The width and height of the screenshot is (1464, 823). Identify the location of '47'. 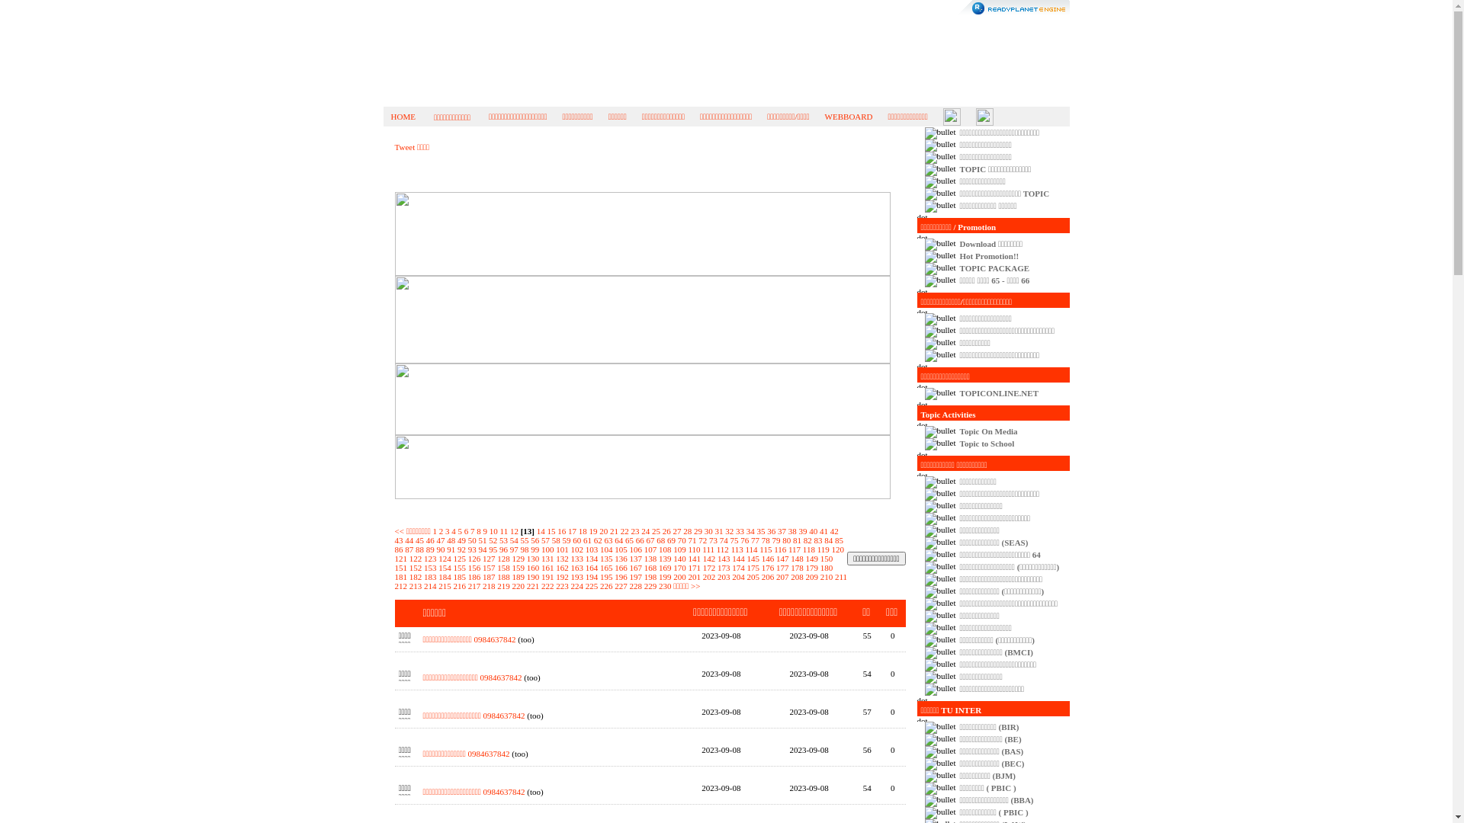
(435, 540).